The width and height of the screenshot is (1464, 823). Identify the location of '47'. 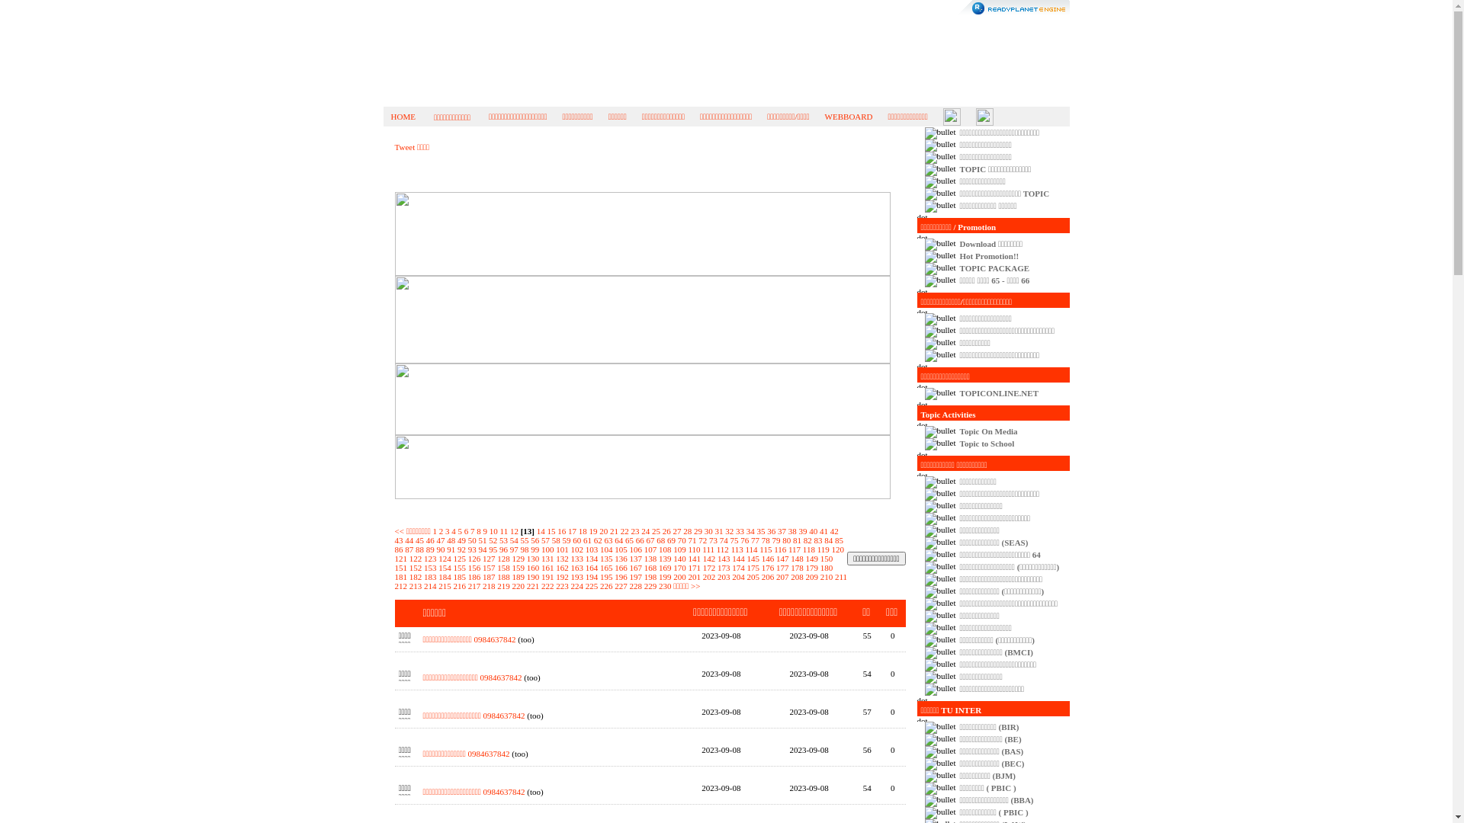
(435, 540).